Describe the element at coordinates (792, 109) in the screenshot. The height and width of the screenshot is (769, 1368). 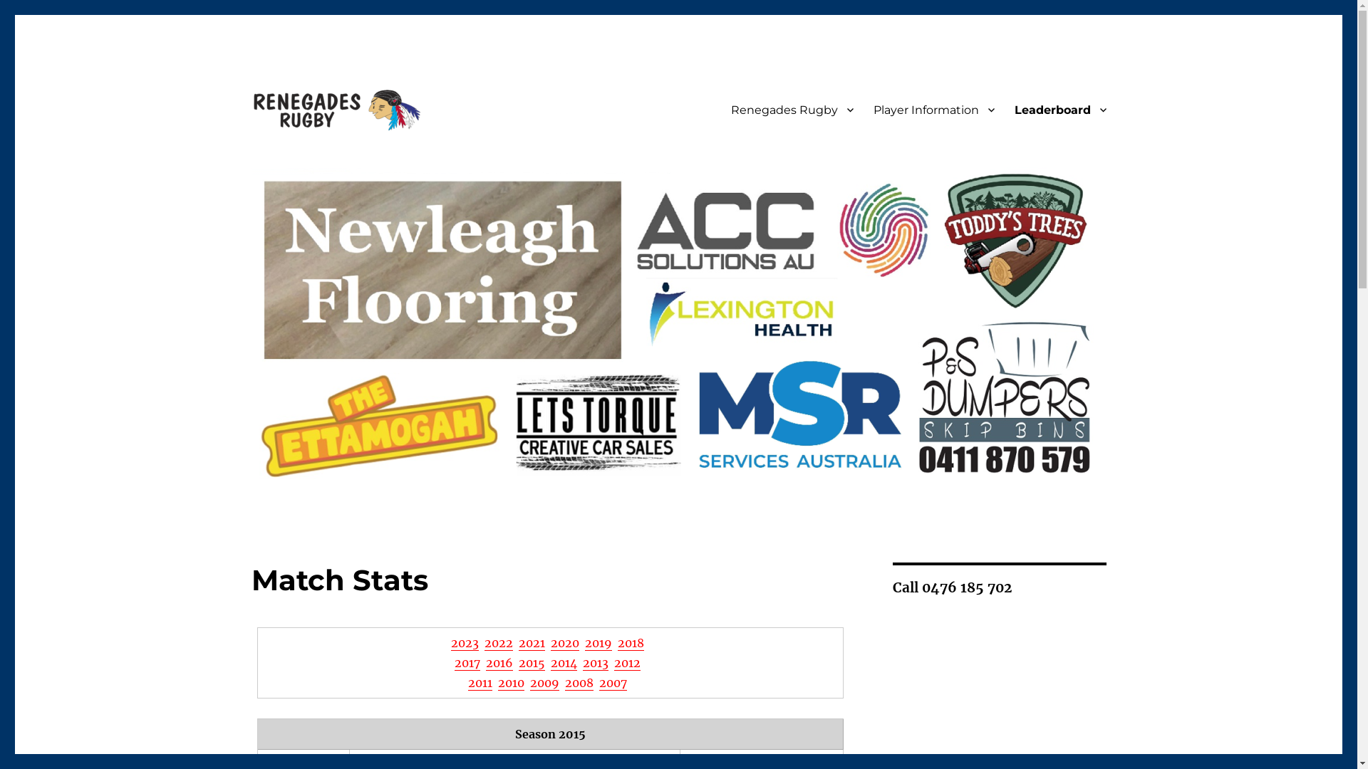
I see `'Renegades Rugby'` at that location.